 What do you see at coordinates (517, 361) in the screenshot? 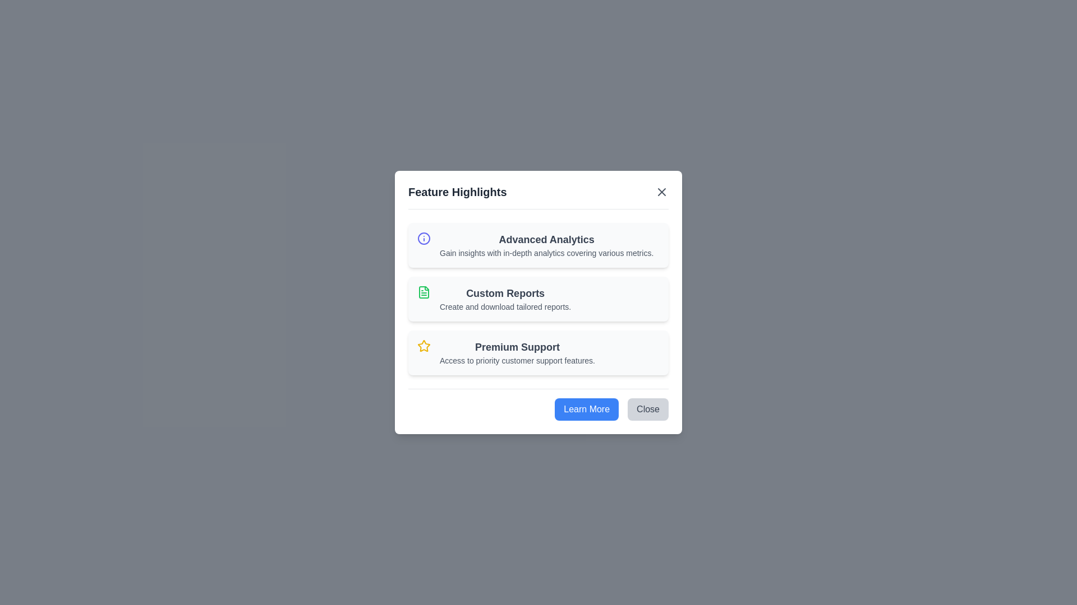
I see `the Text Label that reads 'Access to priority customer support features.' located below the 'Premium Support' title in the modal dialog` at bounding box center [517, 361].